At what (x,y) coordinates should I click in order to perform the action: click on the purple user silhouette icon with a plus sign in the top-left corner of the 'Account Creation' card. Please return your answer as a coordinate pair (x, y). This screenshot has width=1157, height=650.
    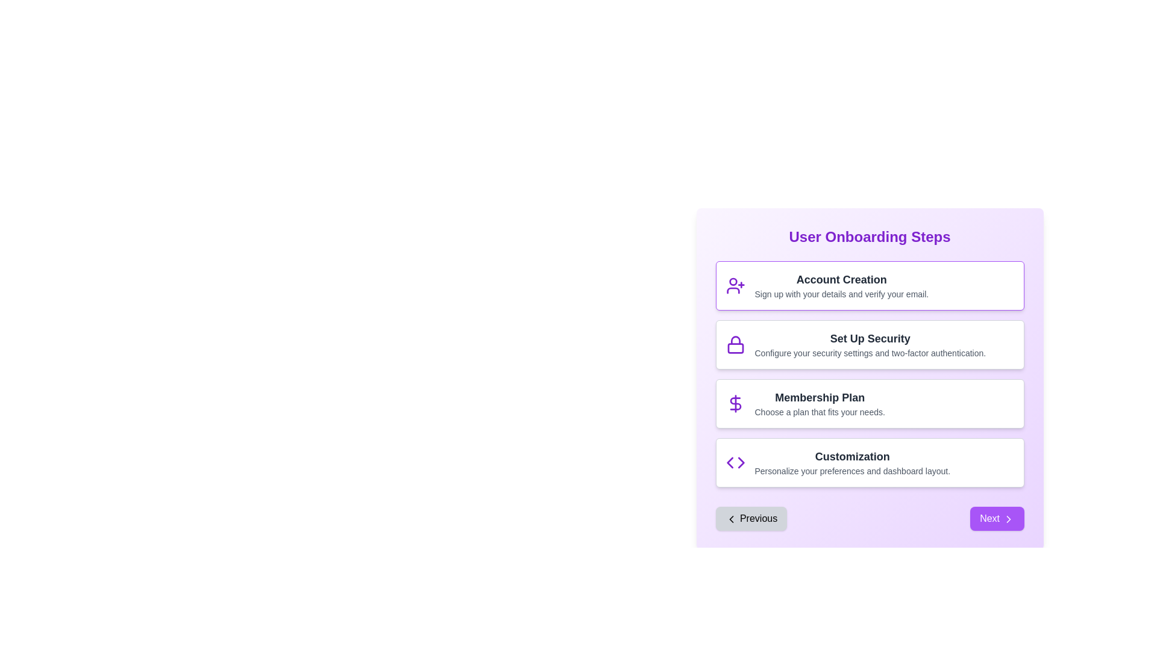
    Looking at the image, I should click on (735, 285).